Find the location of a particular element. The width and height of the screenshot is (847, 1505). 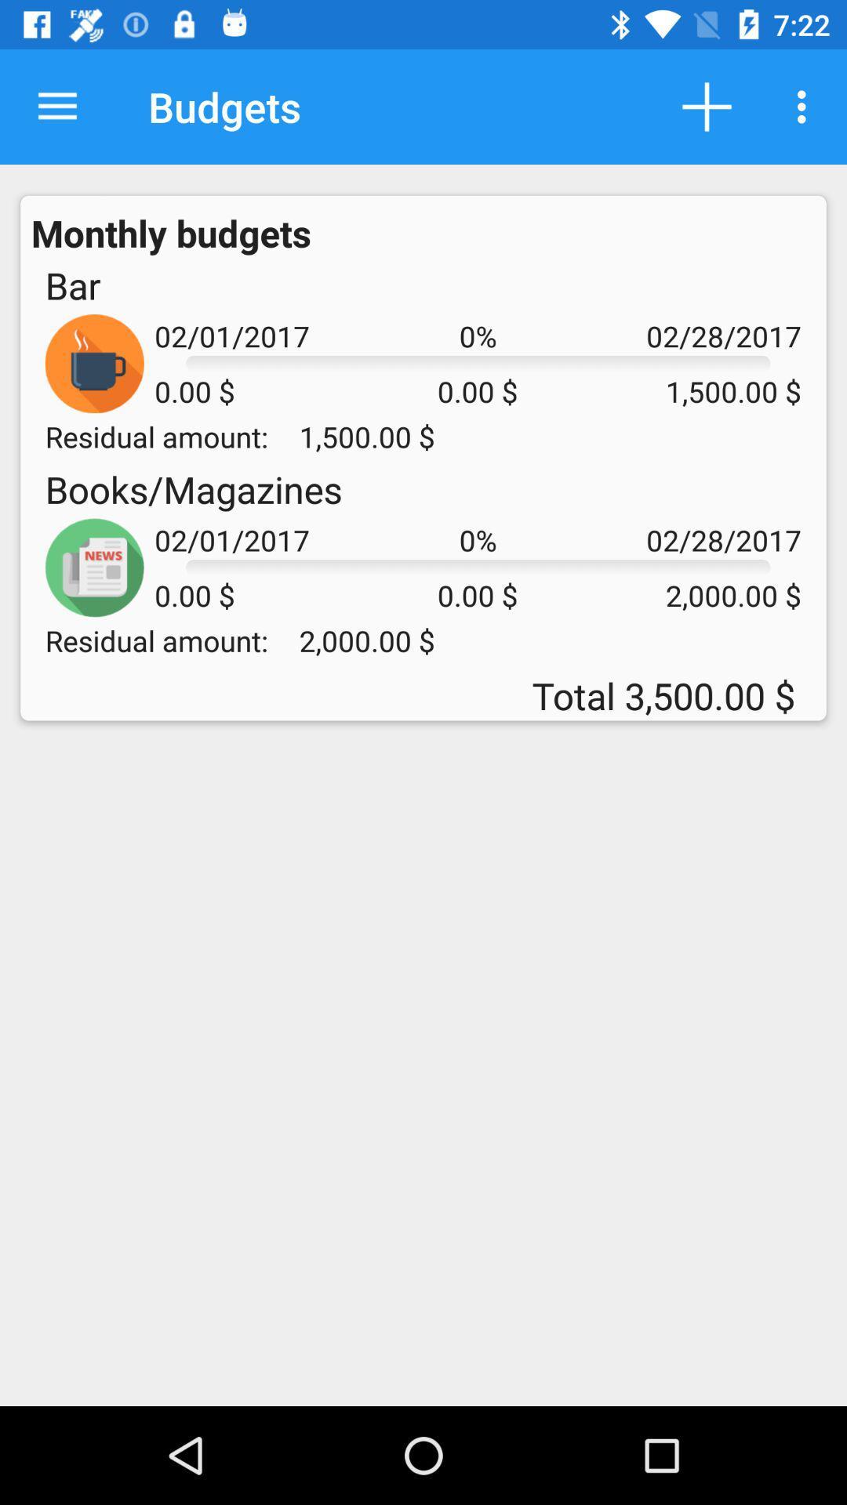

books/magazines icon is located at coordinates (193, 488).